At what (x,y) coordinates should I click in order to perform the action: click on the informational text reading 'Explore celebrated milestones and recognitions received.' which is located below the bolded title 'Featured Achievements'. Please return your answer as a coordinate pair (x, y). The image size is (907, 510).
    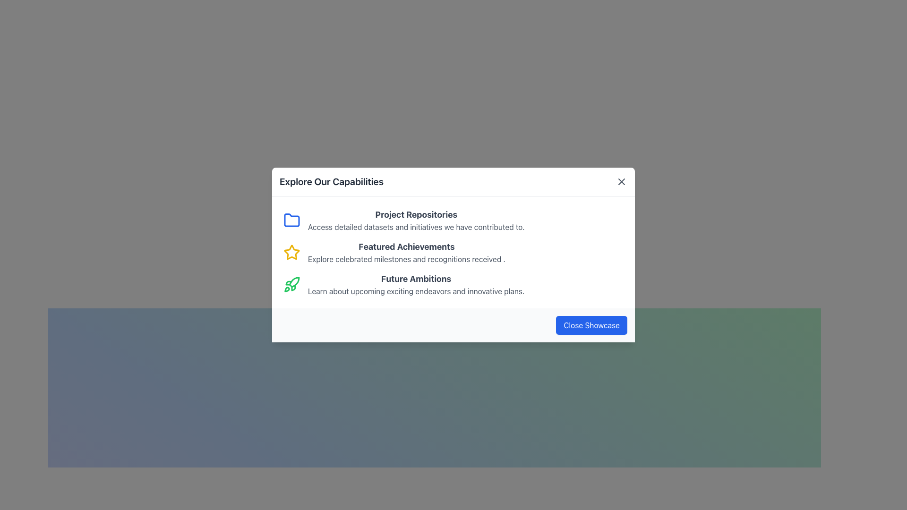
    Looking at the image, I should click on (406, 259).